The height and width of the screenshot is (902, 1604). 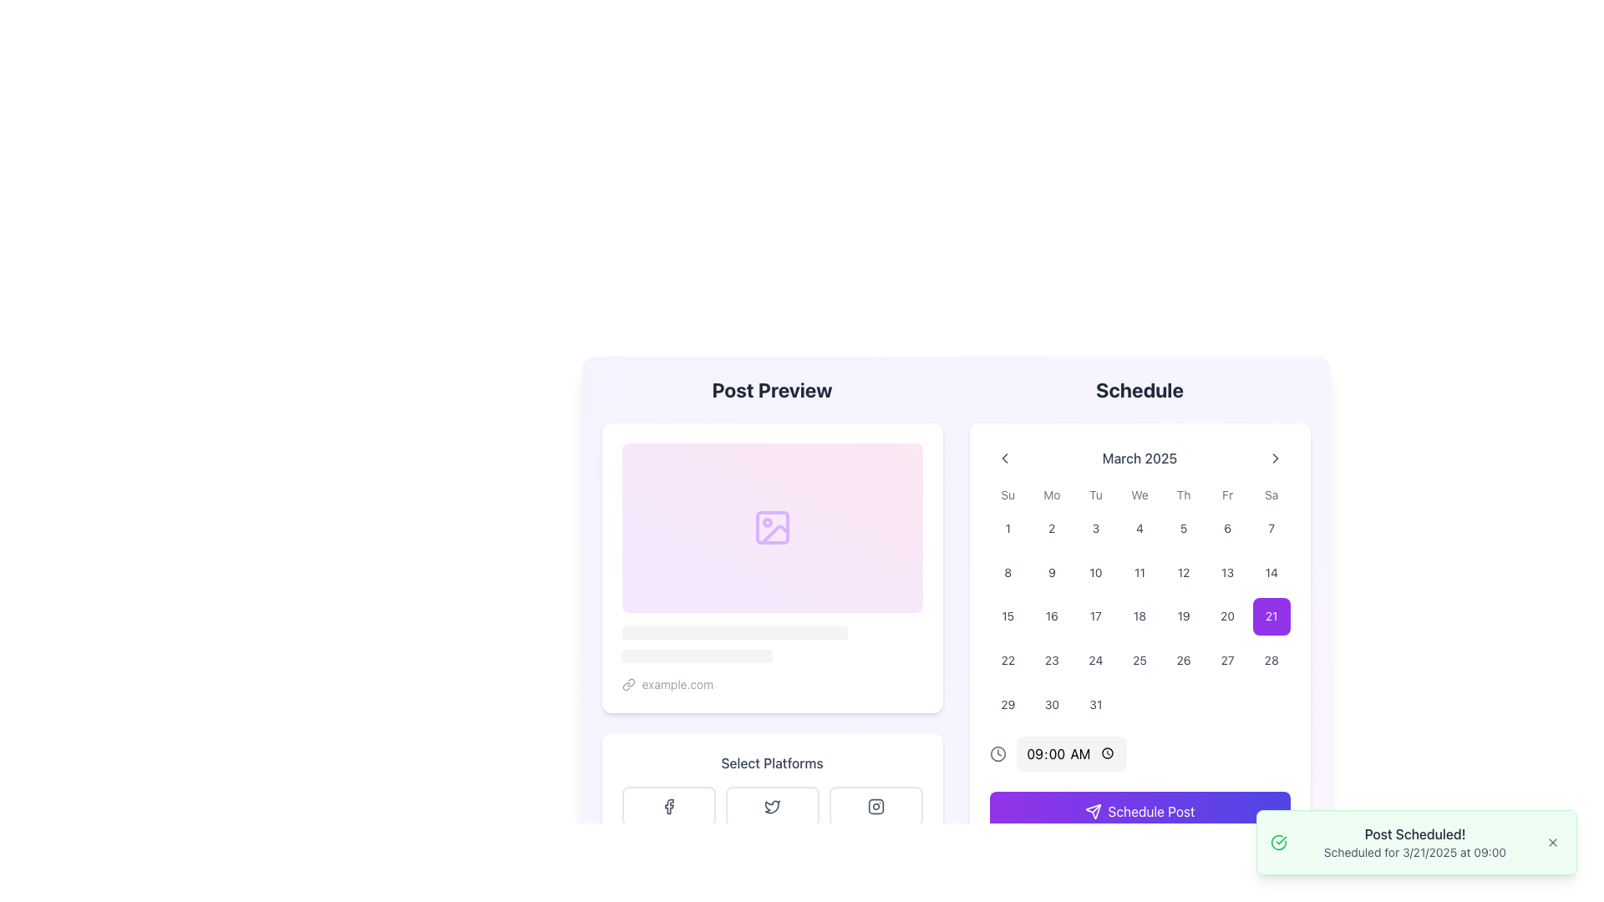 I want to click on the left arrow button in the navigation bar, which is styled with rounded corners and changes to light gray on hover, located to the left of the text 'March 2025', so click(x=1003, y=458).